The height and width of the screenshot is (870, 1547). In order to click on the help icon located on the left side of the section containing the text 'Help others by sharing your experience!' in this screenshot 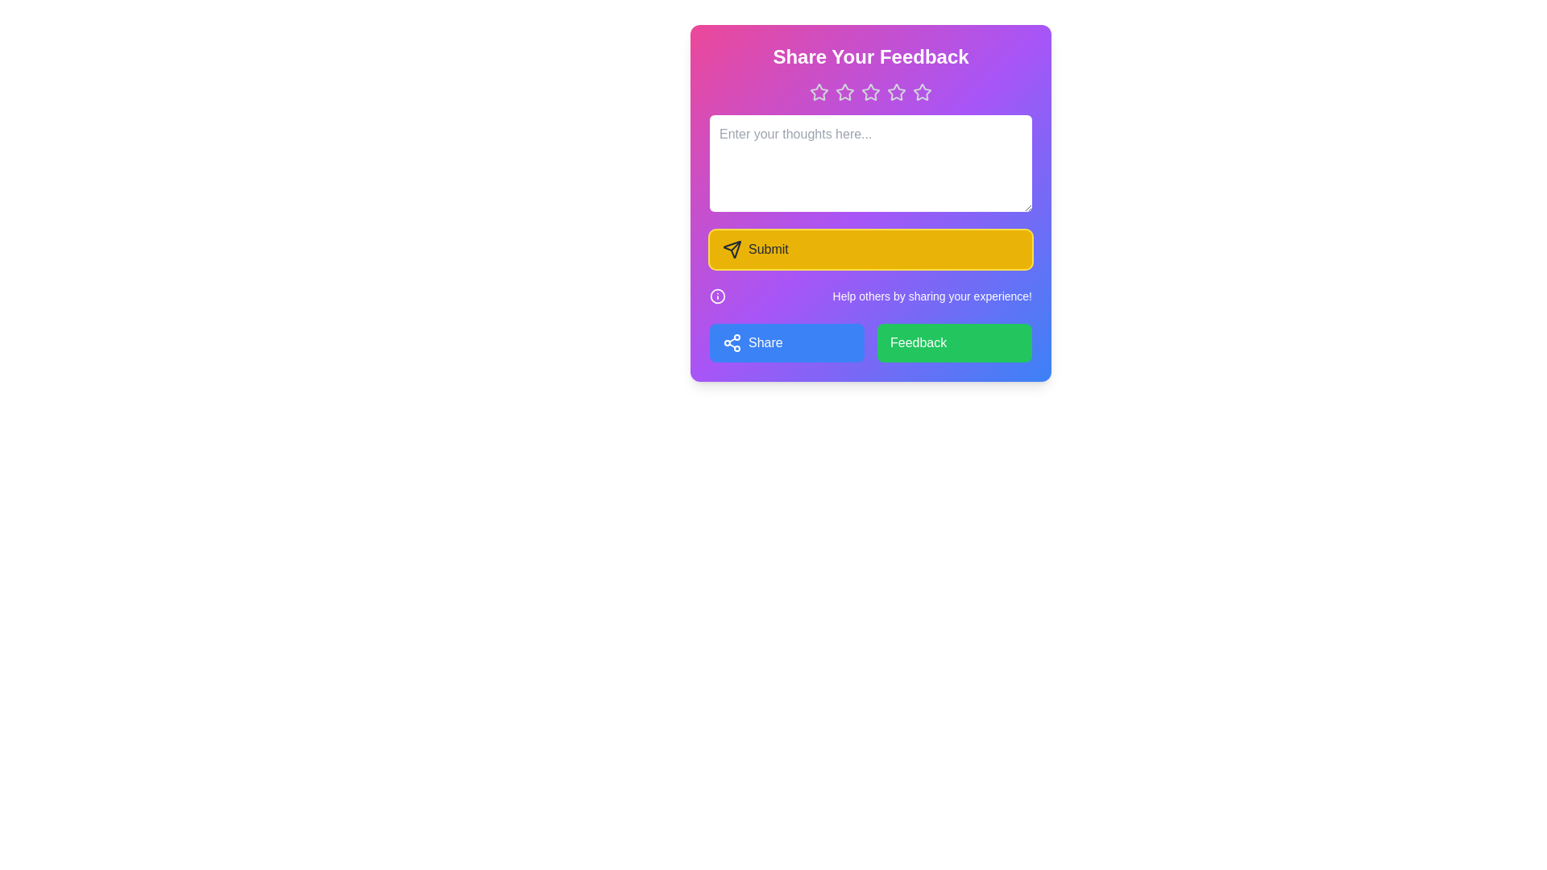, I will do `click(717, 296)`.